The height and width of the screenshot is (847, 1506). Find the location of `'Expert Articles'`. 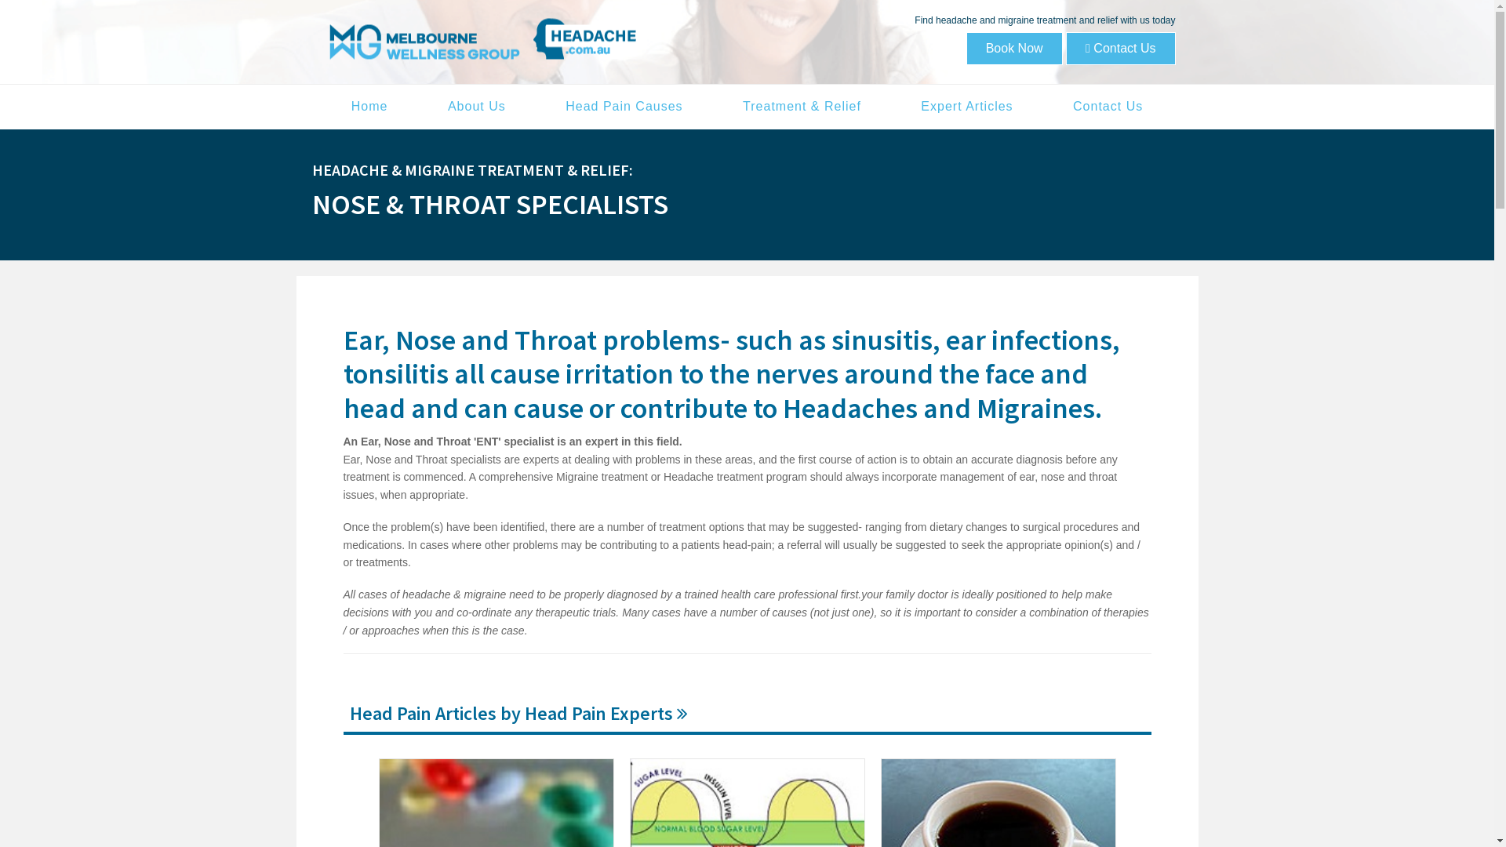

'Expert Articles' is located at coordinates (966, 106).